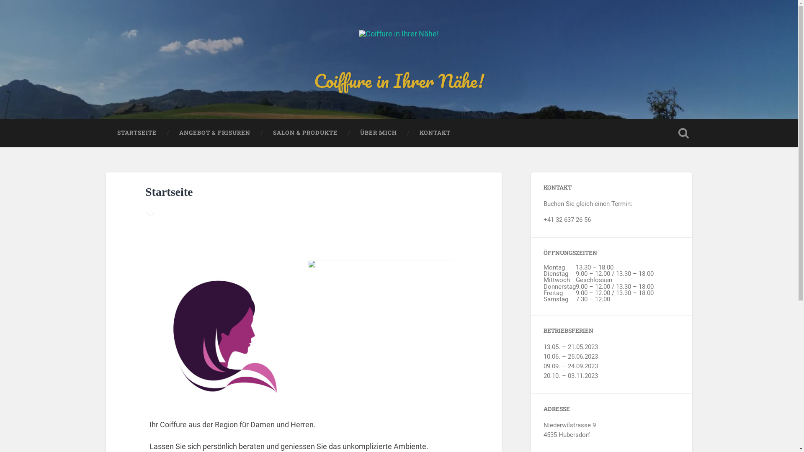 The height and width of the screenshot is (452, 804). I want to click on 'ANGEBOT & FRISUREN', so click(214, 132).